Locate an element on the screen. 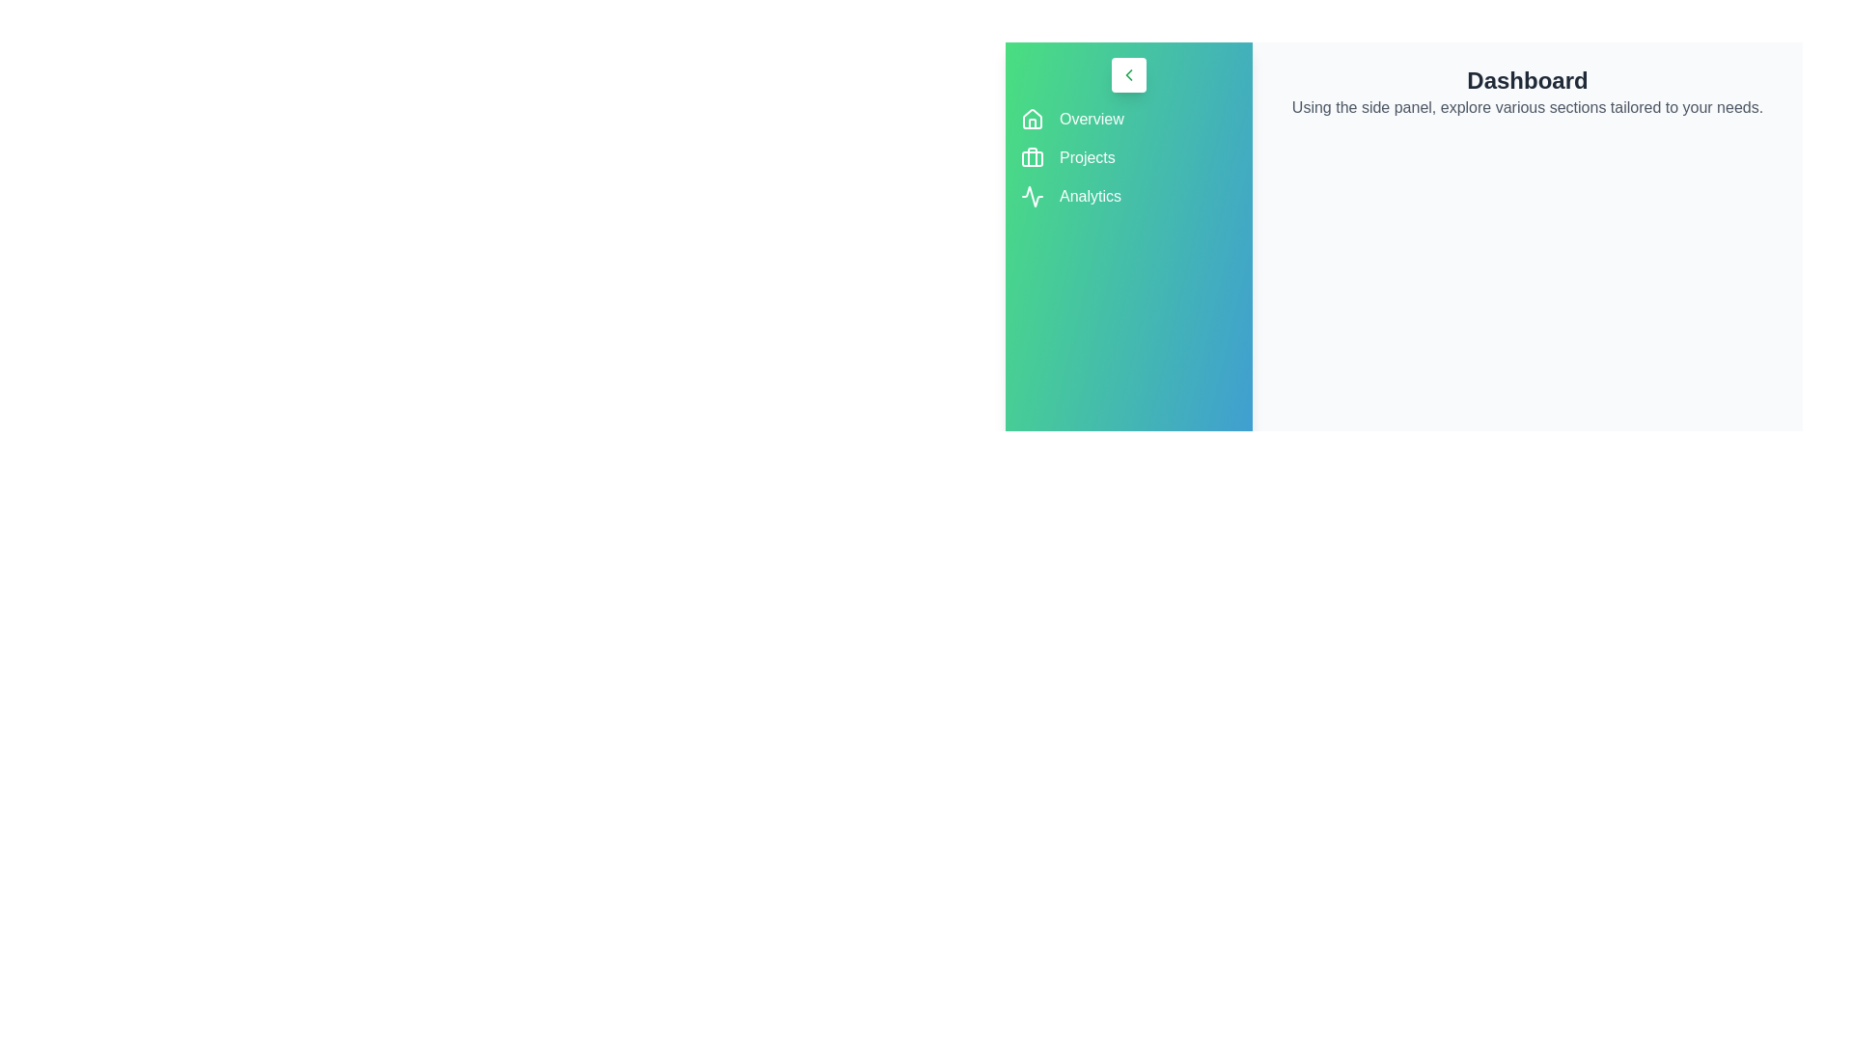  the menu item Overview to navigate to the corresponding section is located at coordinates (1092, 119).